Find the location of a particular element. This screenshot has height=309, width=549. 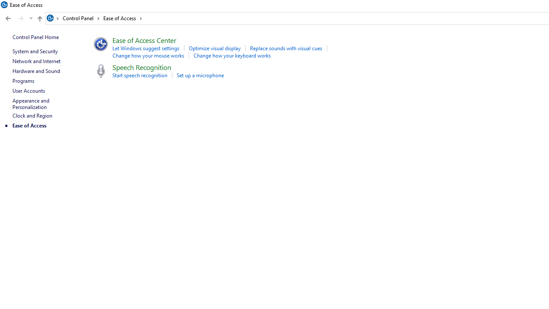

'Change how your keyboard works' is located at coordinates (232, 55).